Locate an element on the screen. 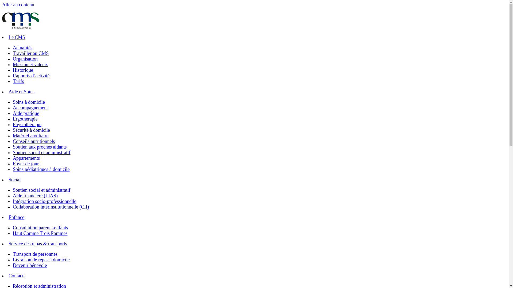  'Appartements' is located at coordinates (26, 158).